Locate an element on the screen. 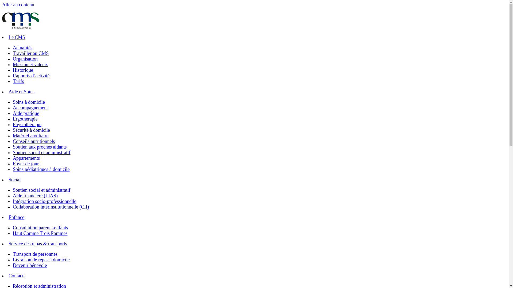  'Appartements' is located at coordinates (26, 158).